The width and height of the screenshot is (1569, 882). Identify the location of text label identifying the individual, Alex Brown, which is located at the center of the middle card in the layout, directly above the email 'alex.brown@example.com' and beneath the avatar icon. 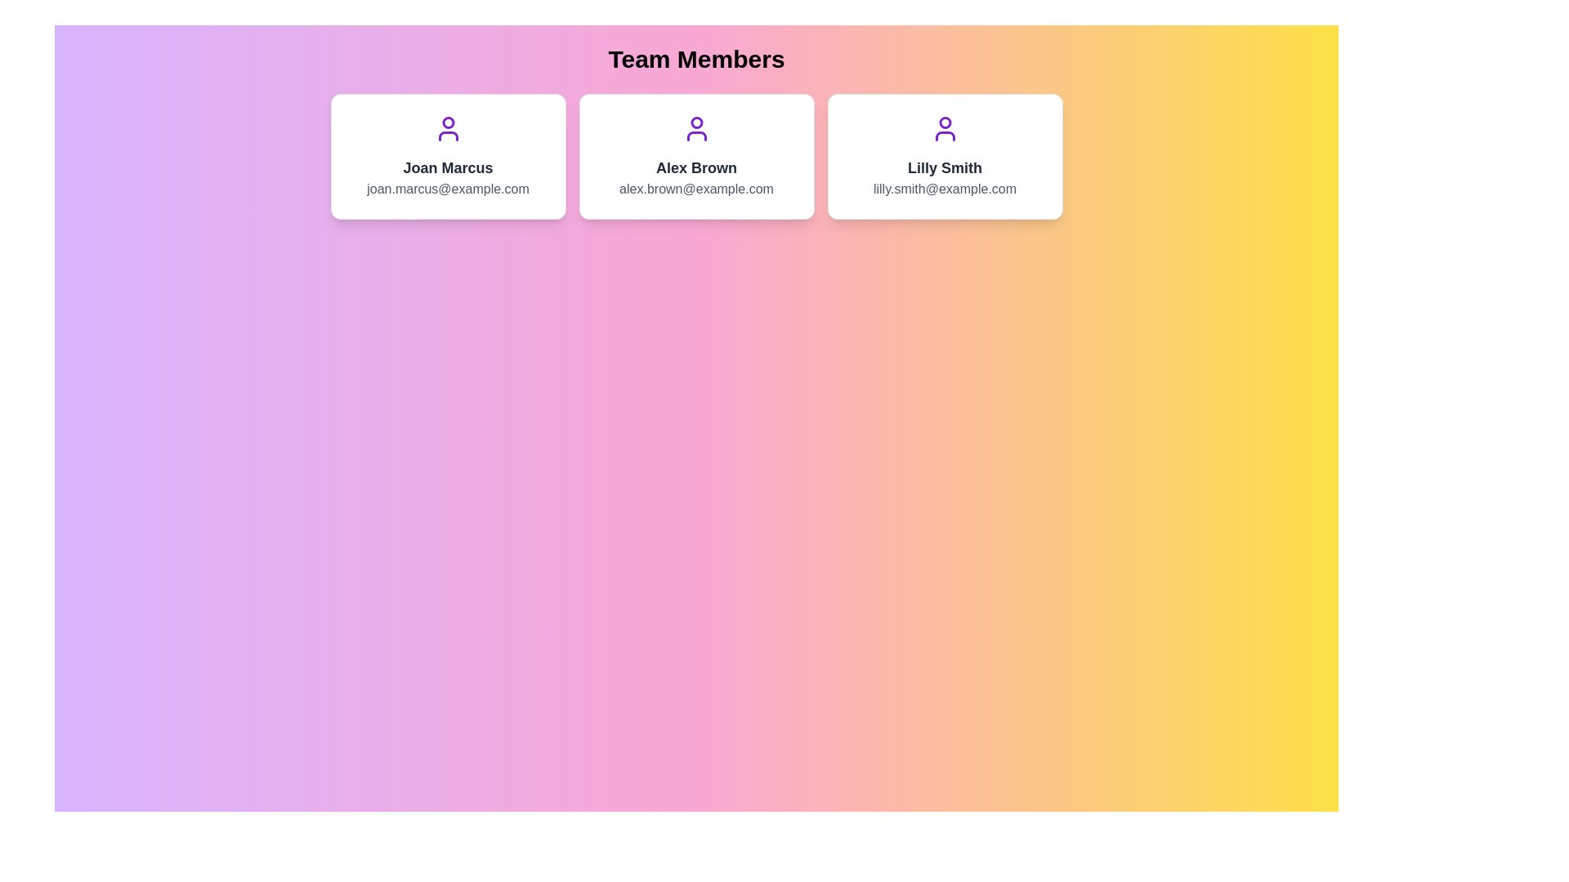
(696, 167).